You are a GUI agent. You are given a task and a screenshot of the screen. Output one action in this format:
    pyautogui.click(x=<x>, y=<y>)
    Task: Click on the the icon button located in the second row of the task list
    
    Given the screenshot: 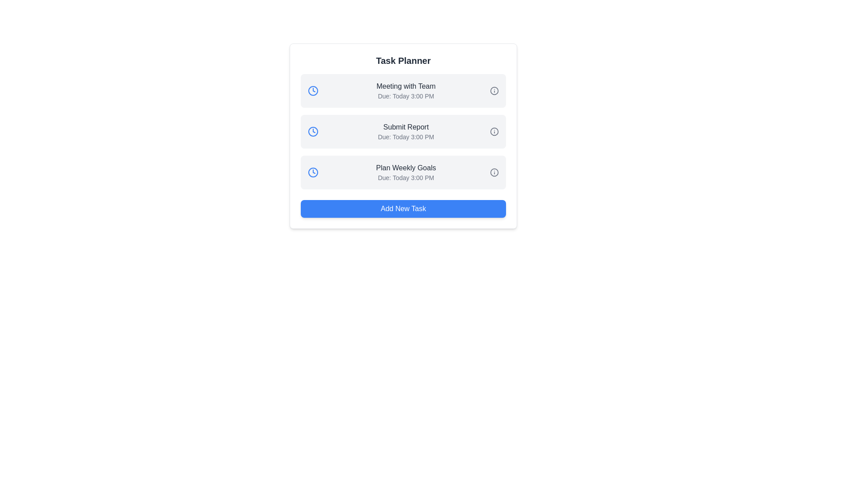 What is the action you would take?
    pyautogui.click(x=494, y=132)
    